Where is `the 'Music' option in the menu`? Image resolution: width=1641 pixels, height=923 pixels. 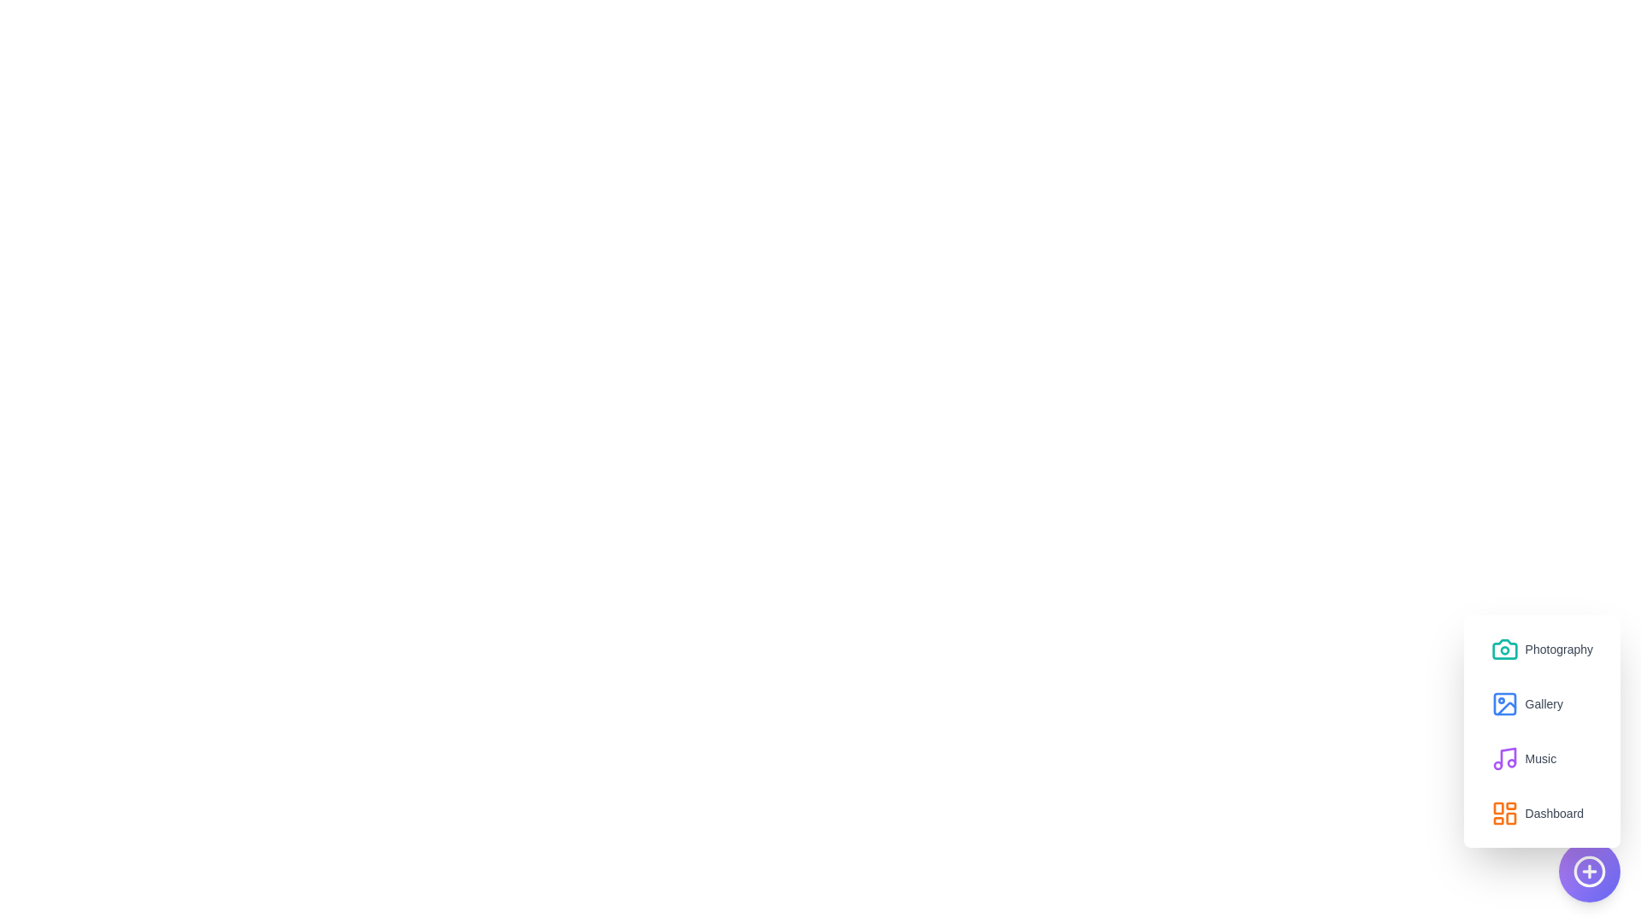 the 'Music' option in the menu is located at coordinates (1522, 757).